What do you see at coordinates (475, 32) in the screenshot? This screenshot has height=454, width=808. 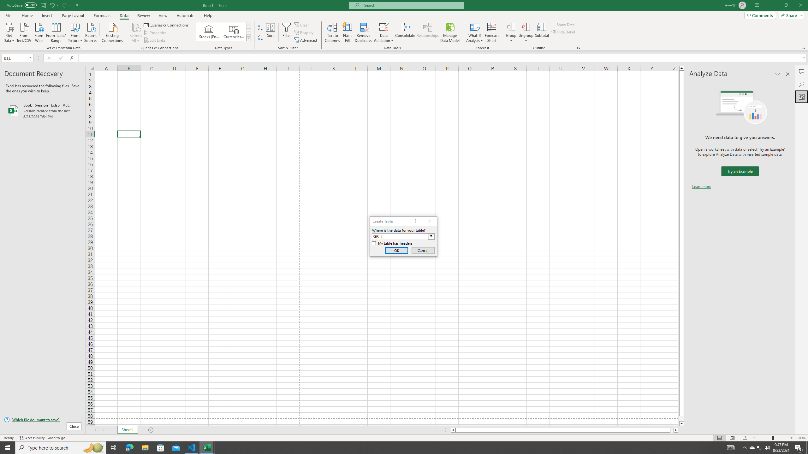 I see `'What-If Analysis'` at bounding box center [475, 32].